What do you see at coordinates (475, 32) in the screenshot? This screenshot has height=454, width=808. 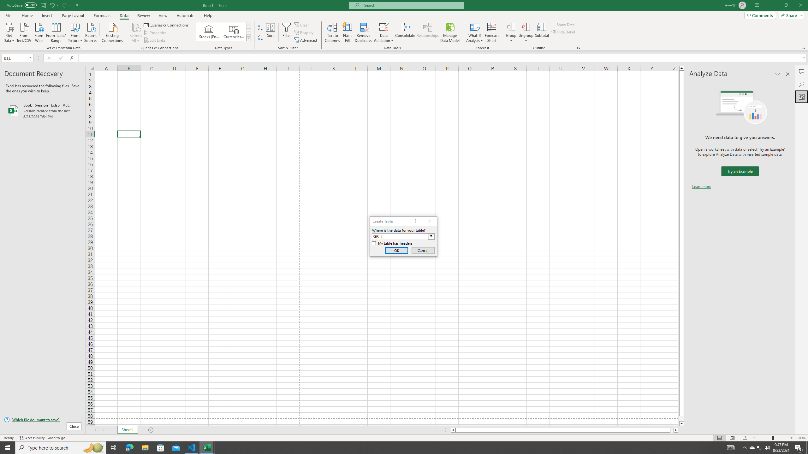 I see `'What-If Analysis'` at bounding box center [475, 32].